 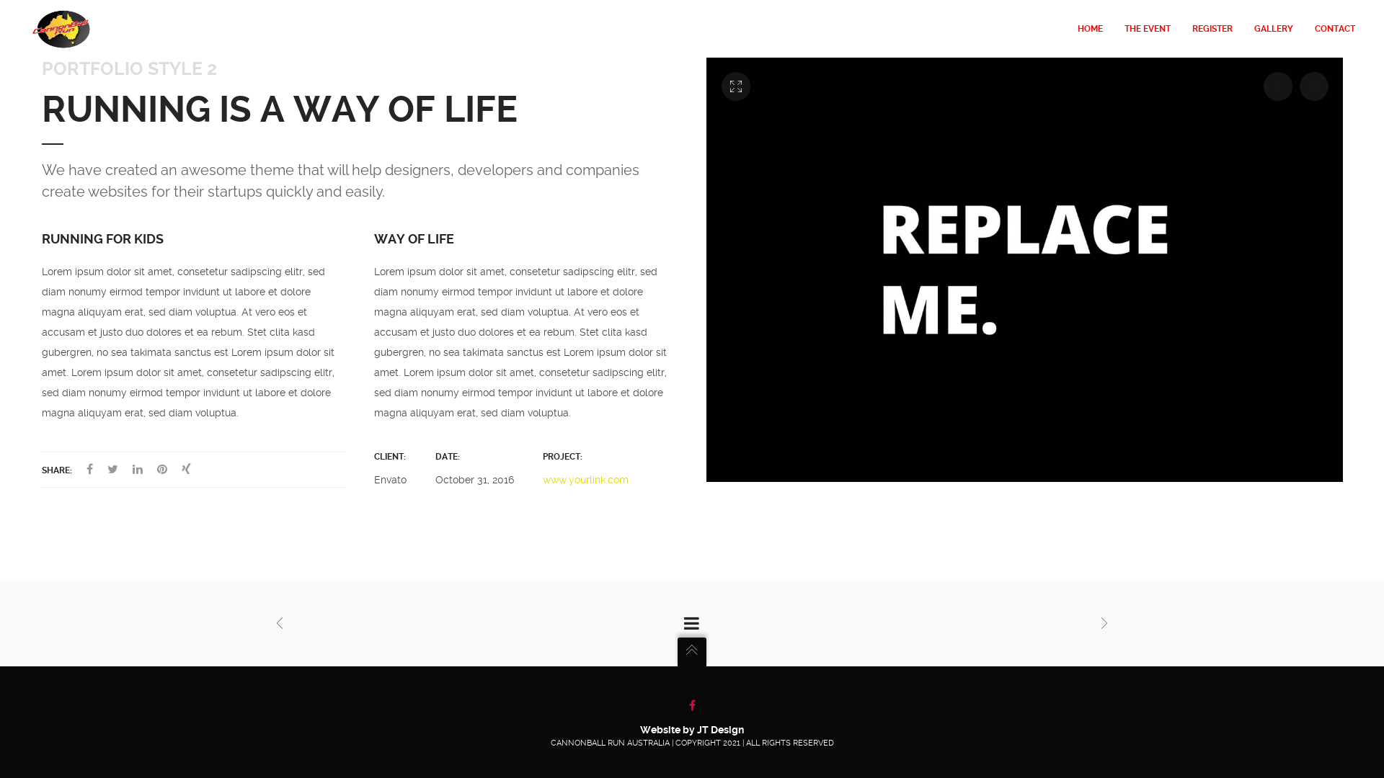 What do you see at coordinates (1328, 28) in the screenshot?
I see `'CONTACT'` at bounding box center [1328, 28].